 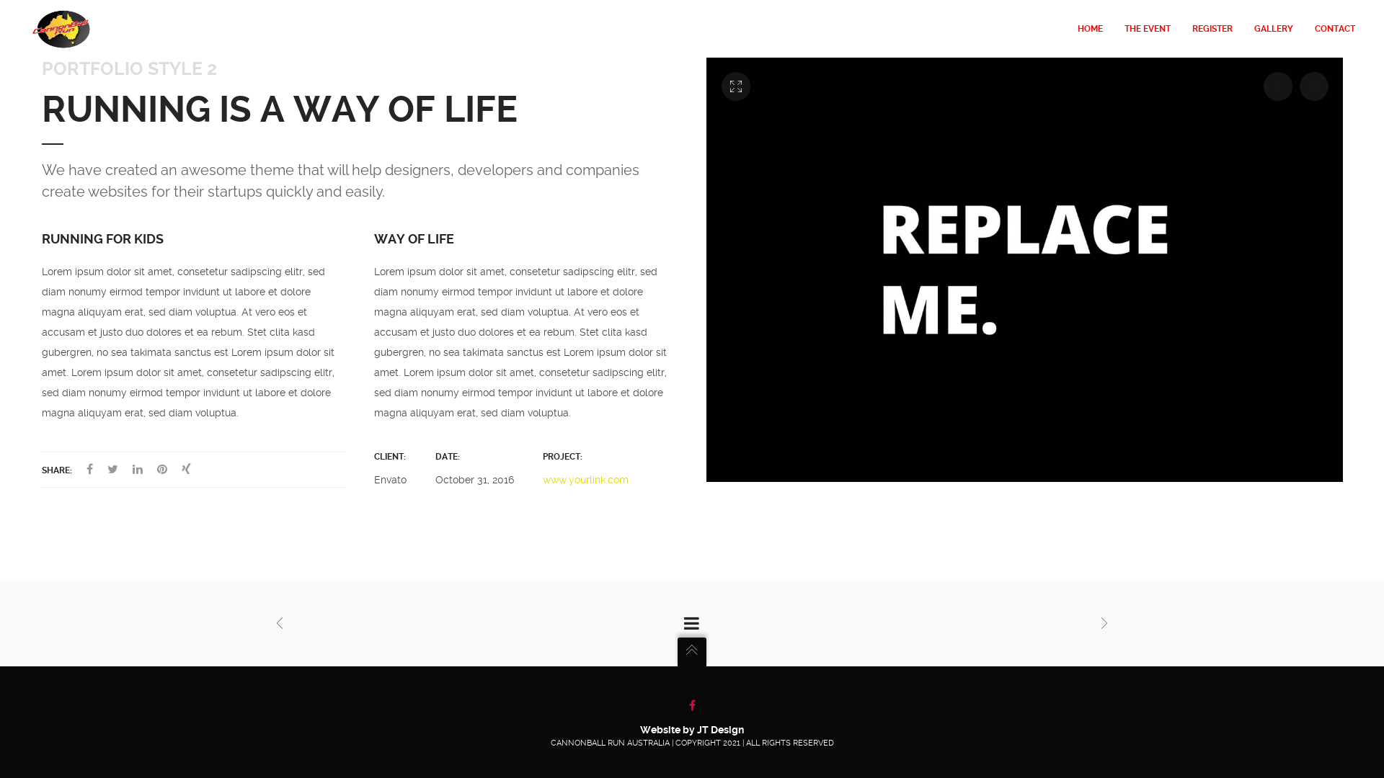 What do you see at coordinates (1328, 28) in the screenshot?
I see `'CONTACT'` at bounding box center [1328, 28].